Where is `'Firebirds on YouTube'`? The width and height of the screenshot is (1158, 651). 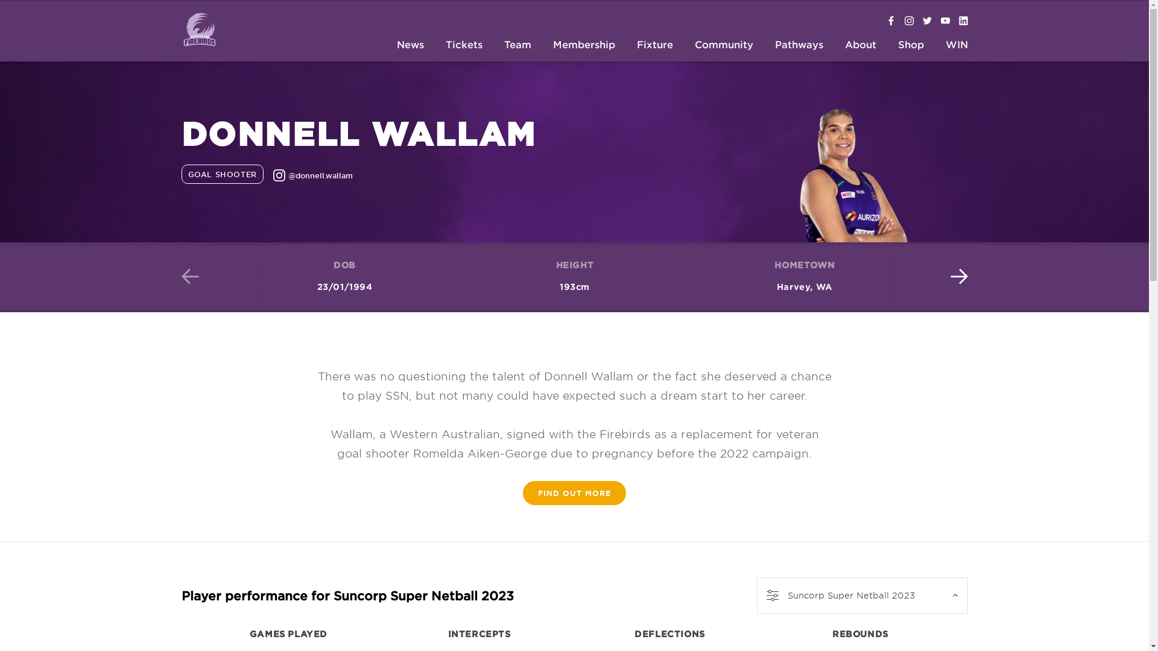
'Firebirds on YouTube' is located at coordinates (944, 20).